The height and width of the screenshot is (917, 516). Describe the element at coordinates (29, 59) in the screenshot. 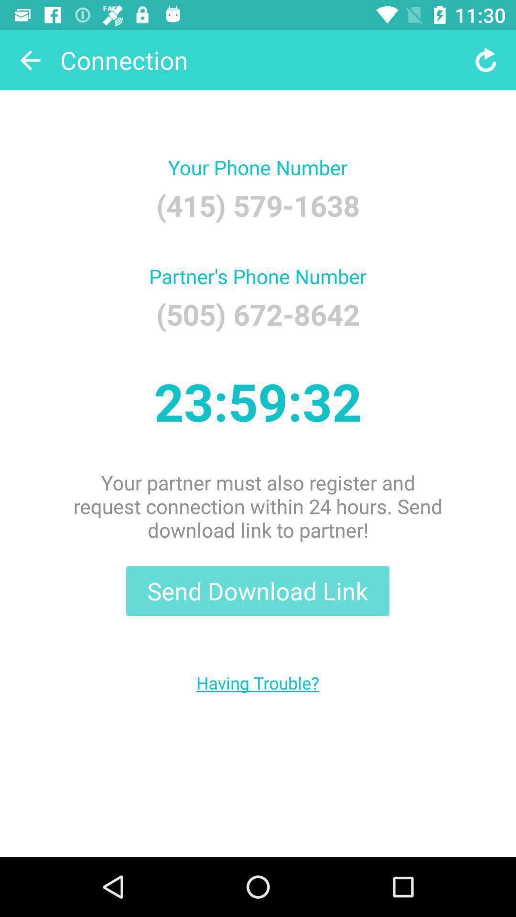

I see `the item to the left of the connection` at that location.